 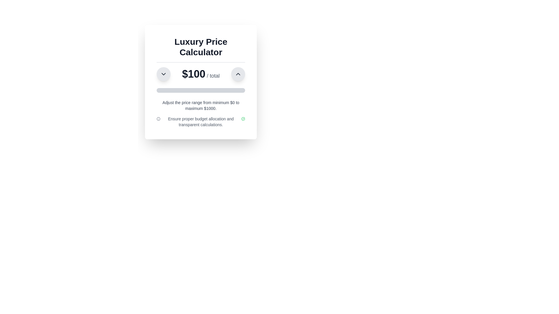 What do you see at coordinates (158, 118) in the screenshot?
I see `the circular gray information icon located on the leftmost side of the interface to uncover information or perform a related action` at bounding box center [158, 118].